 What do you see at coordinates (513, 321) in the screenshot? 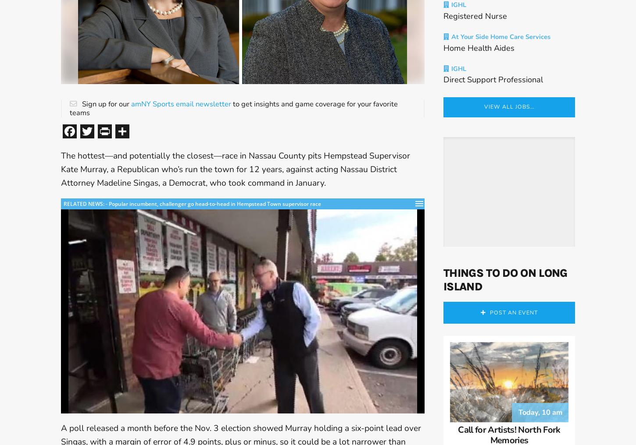
I see `'Post an Event'` at bounding box center [513, 321].